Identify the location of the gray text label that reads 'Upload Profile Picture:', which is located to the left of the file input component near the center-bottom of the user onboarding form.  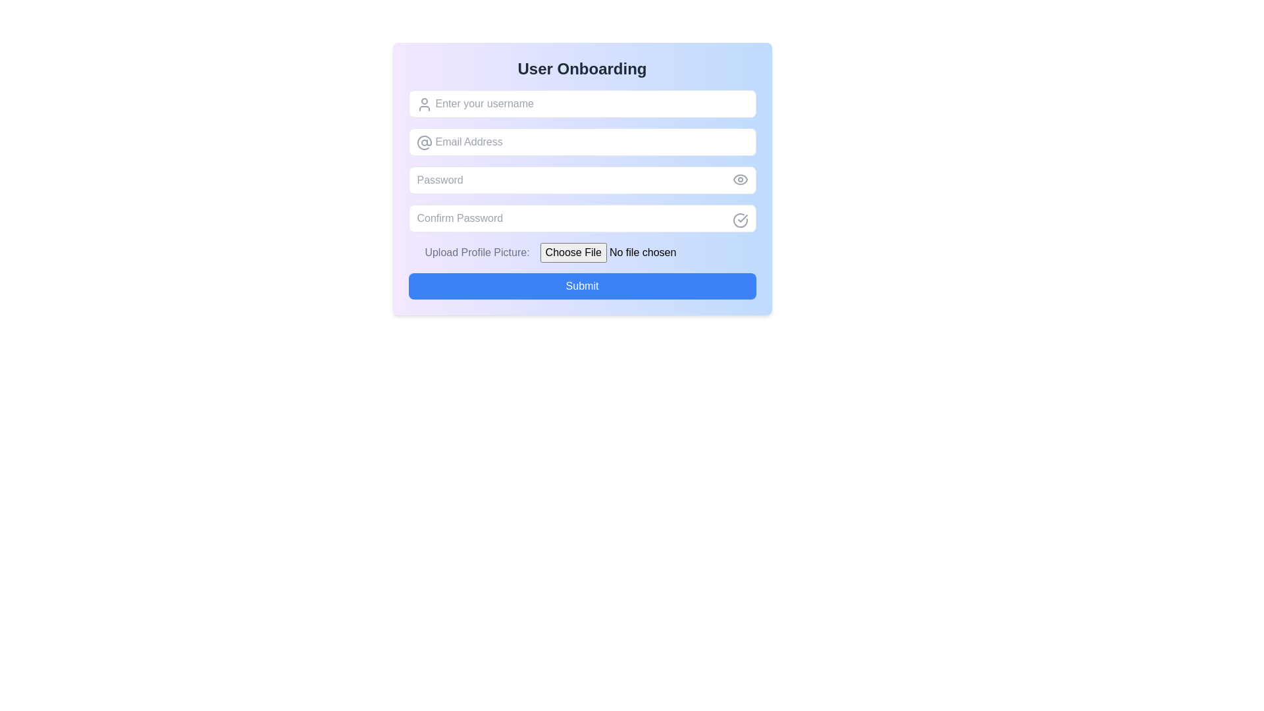
(476, 252).